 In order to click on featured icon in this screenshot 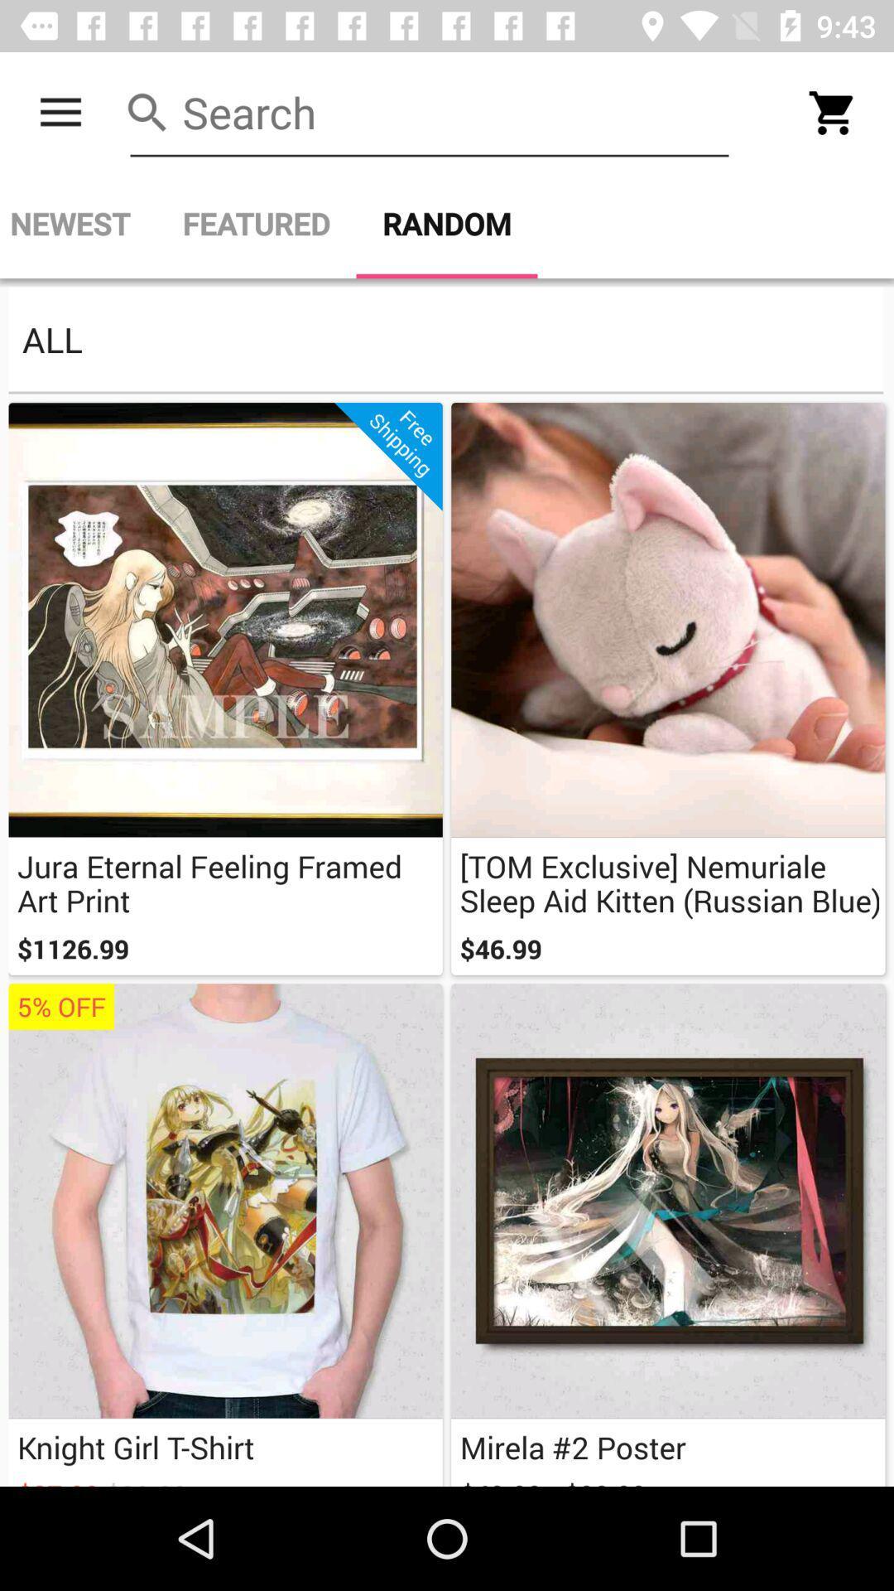, I will do `click(256, 223)`.